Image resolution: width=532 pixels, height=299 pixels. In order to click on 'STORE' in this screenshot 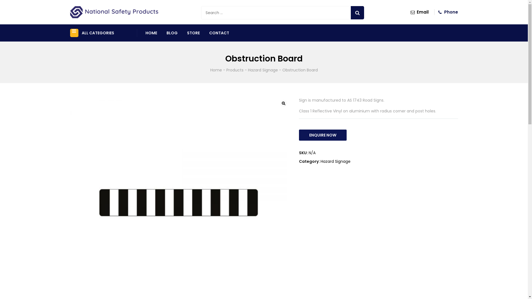, I will do `click(193, 33)`.